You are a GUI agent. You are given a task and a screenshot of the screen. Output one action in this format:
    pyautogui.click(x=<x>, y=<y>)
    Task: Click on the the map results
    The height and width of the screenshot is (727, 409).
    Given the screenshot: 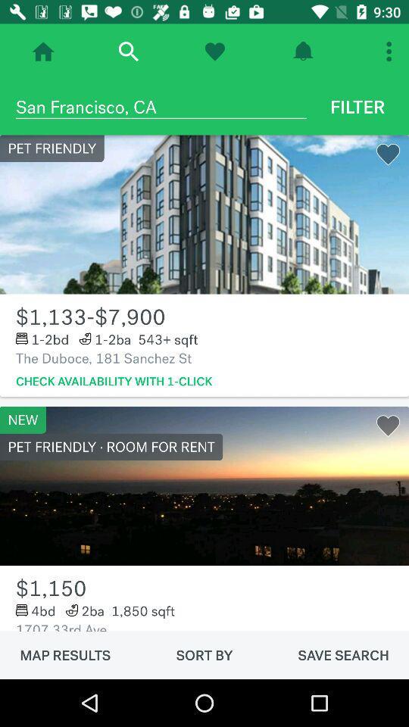 What is the action you would take?
    pyautogui.click(x=64, y=654)
    